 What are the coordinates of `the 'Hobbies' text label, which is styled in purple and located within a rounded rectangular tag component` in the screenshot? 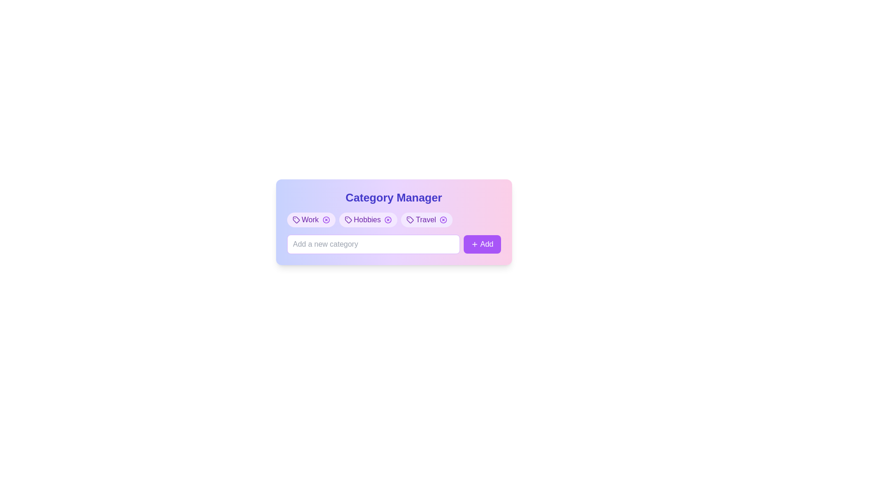 It's located at (366, 220).